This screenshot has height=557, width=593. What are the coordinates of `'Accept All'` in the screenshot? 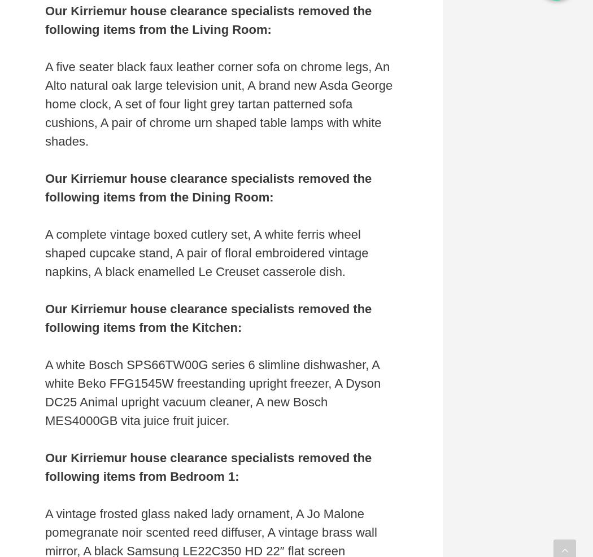 It's located at (157, 440).